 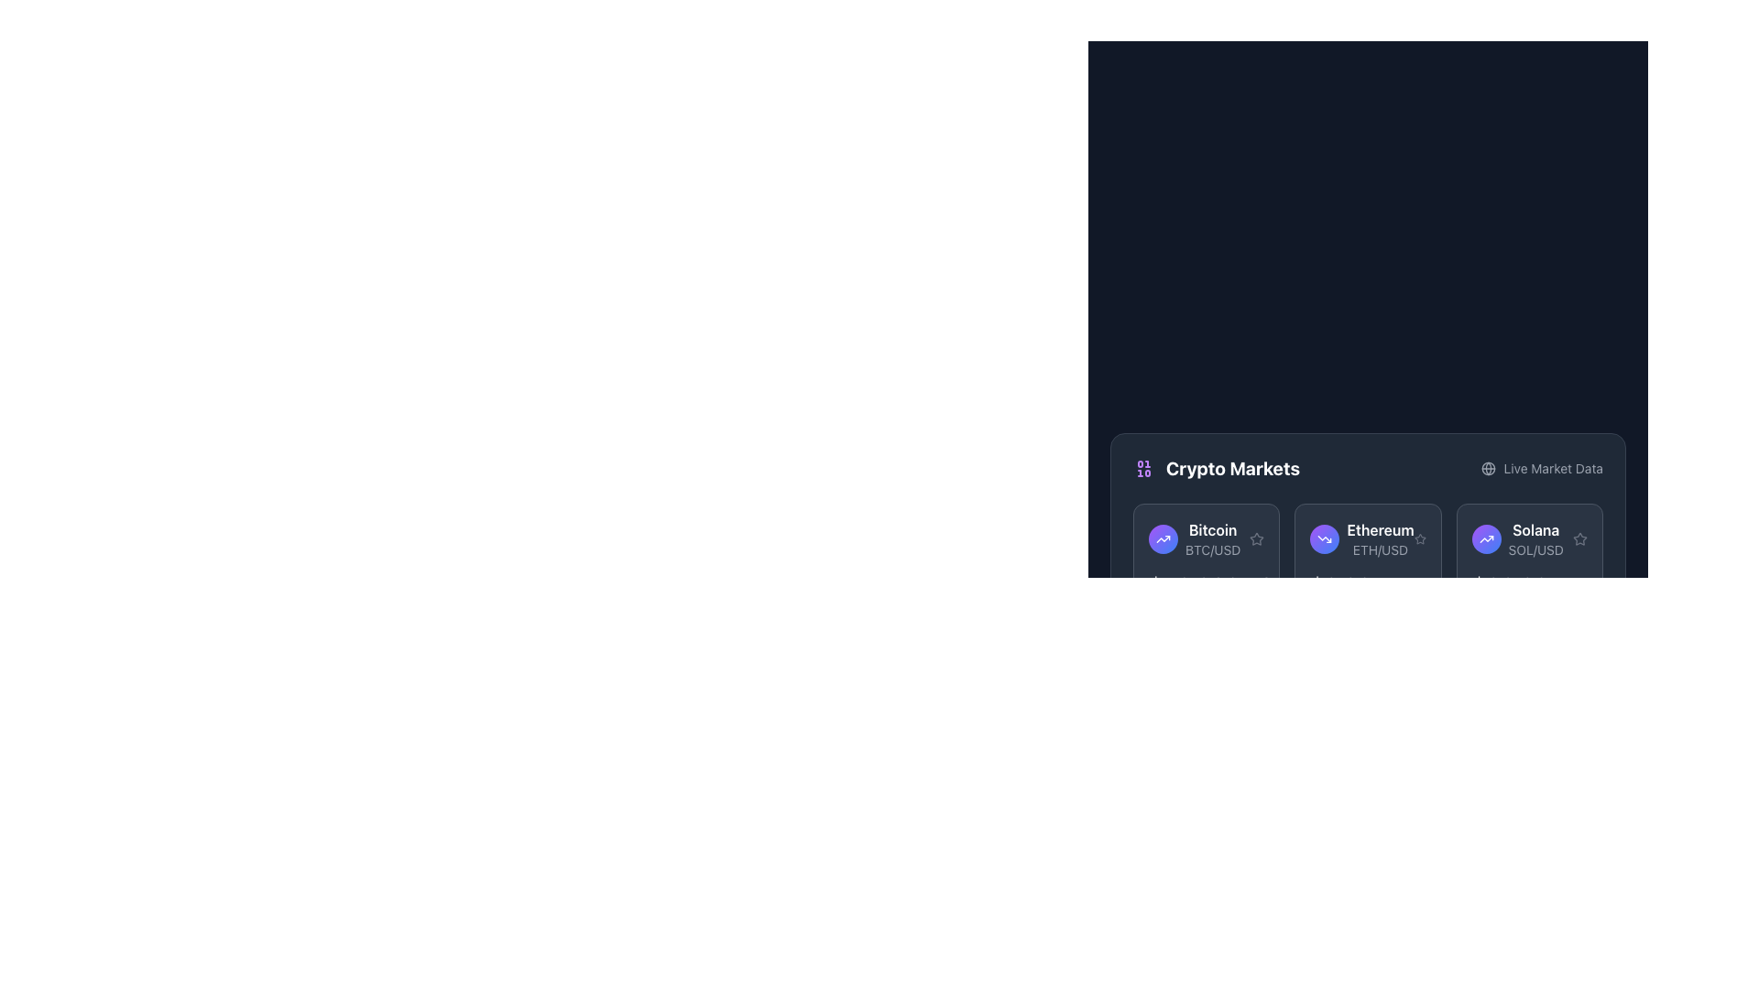 What do you see at coordinates (1368, 536) in the screenshot?
I see `the Informational widget displaying live cryptocurrency market data, which includes trading pairs, current prices, and percentage changes` at bounding box center [1368, 536].